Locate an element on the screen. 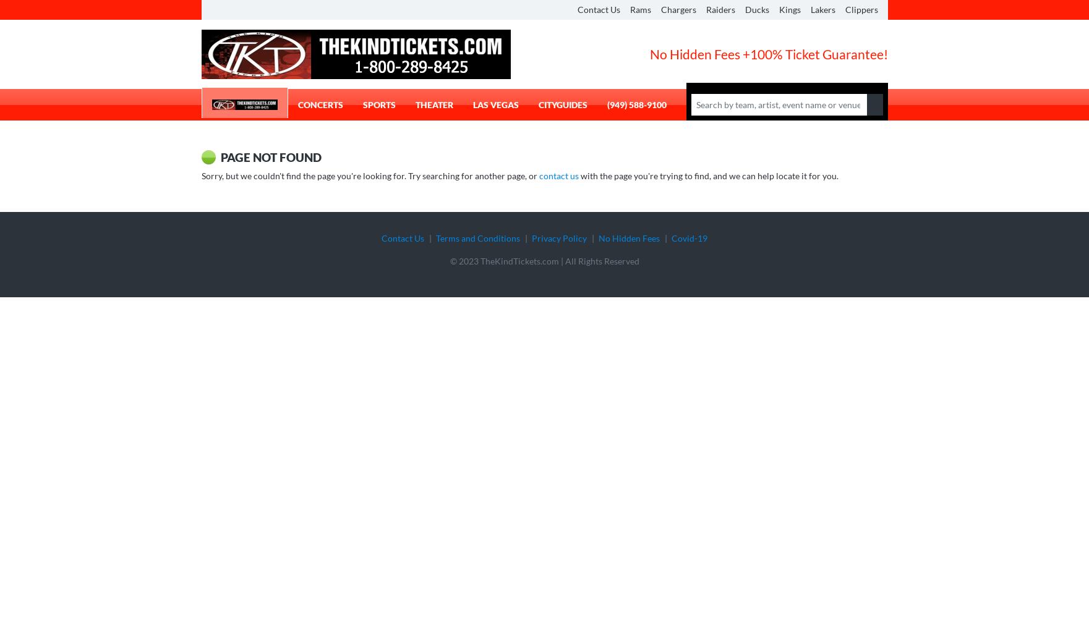  '© 2023 TheKindTickets.com | All Rights Reserved' is located at coordinates (544, 260).